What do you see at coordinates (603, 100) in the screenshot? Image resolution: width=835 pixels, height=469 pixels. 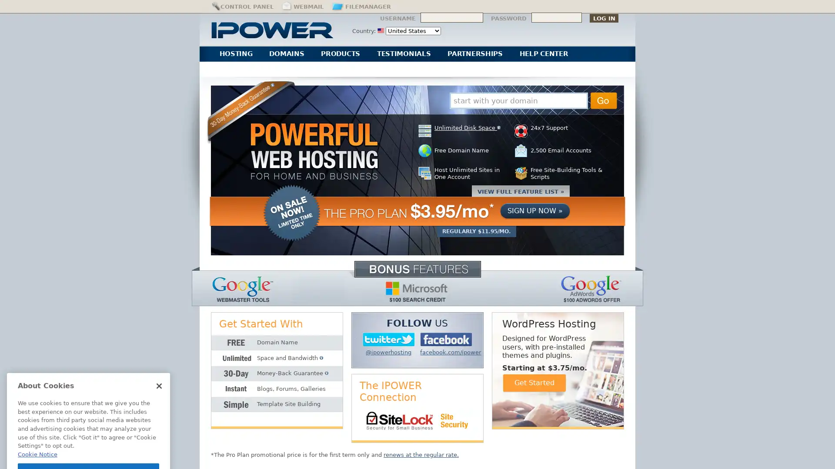 I see `Go` at bounding box center [603, 100].